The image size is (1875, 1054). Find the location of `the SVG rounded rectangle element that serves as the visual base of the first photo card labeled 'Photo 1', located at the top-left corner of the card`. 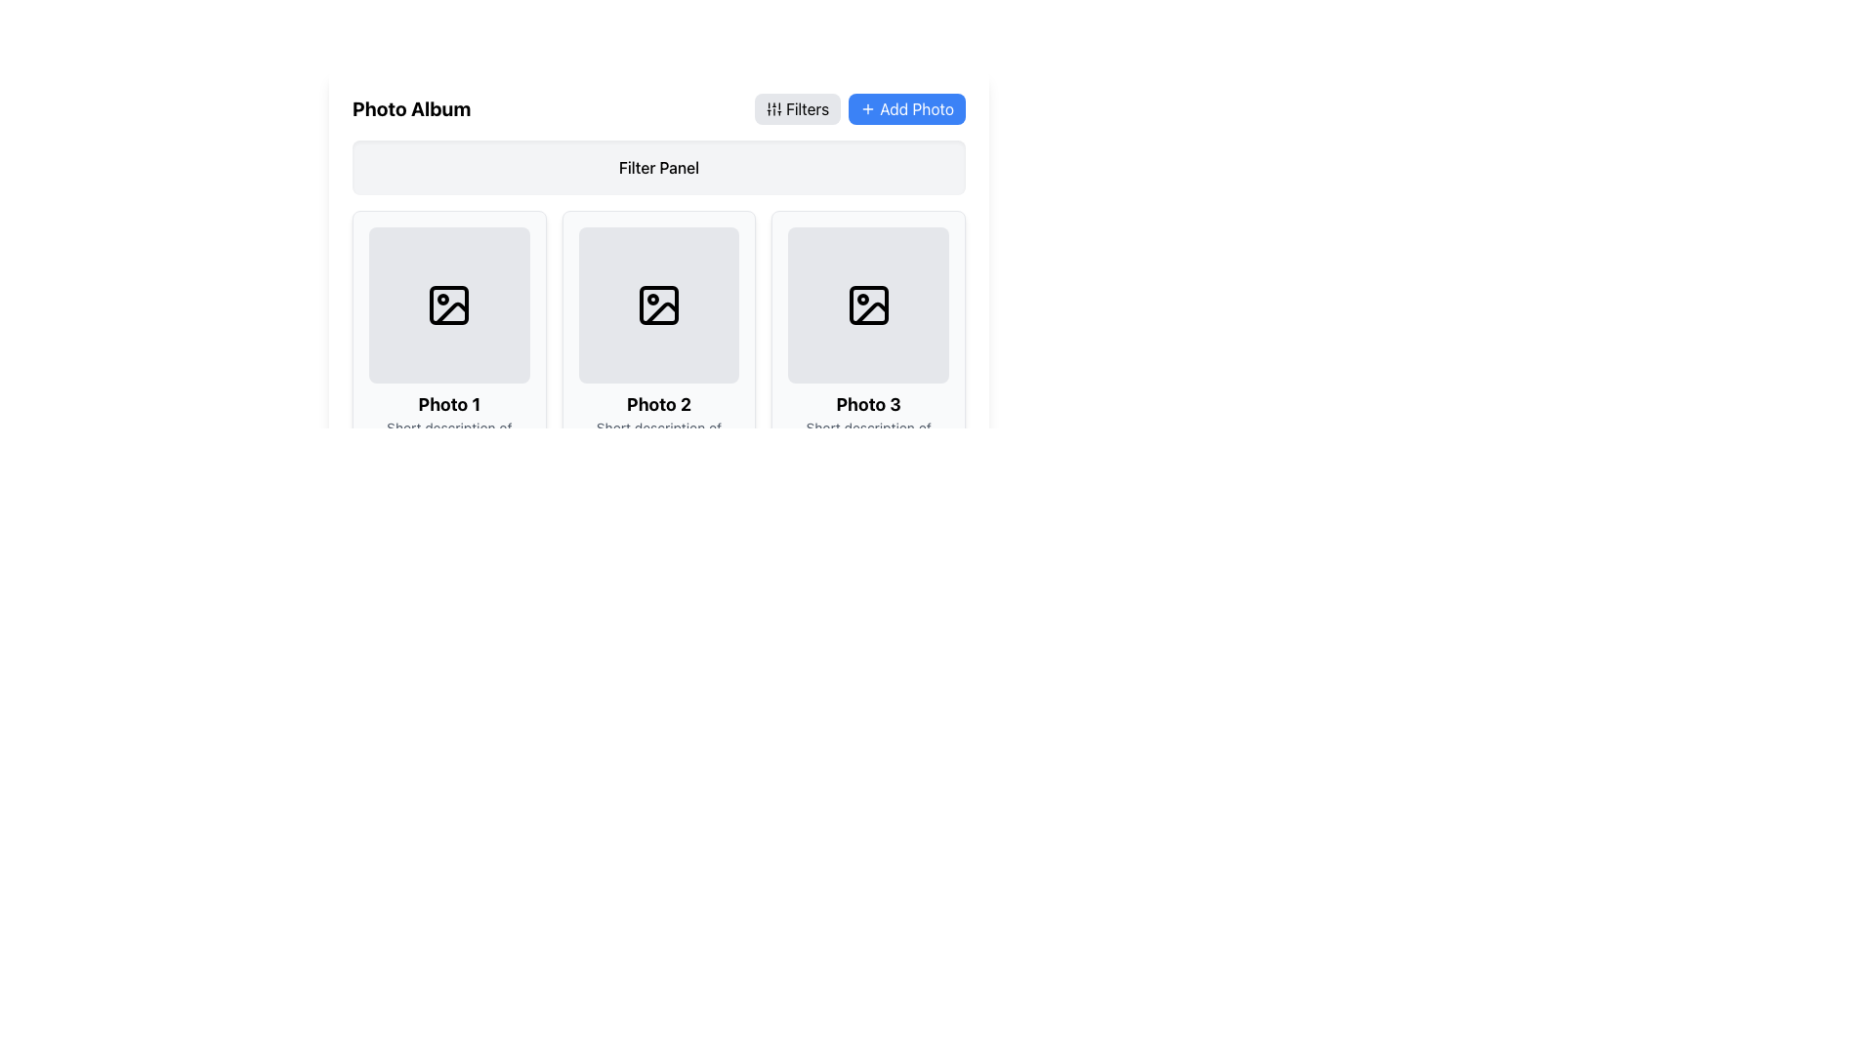

the SVG rounded rectangle element that serves as the visual base of the first photo card labeled 'Photo 1', located at the top-left corner of the card is located at coordinates (448, 304).